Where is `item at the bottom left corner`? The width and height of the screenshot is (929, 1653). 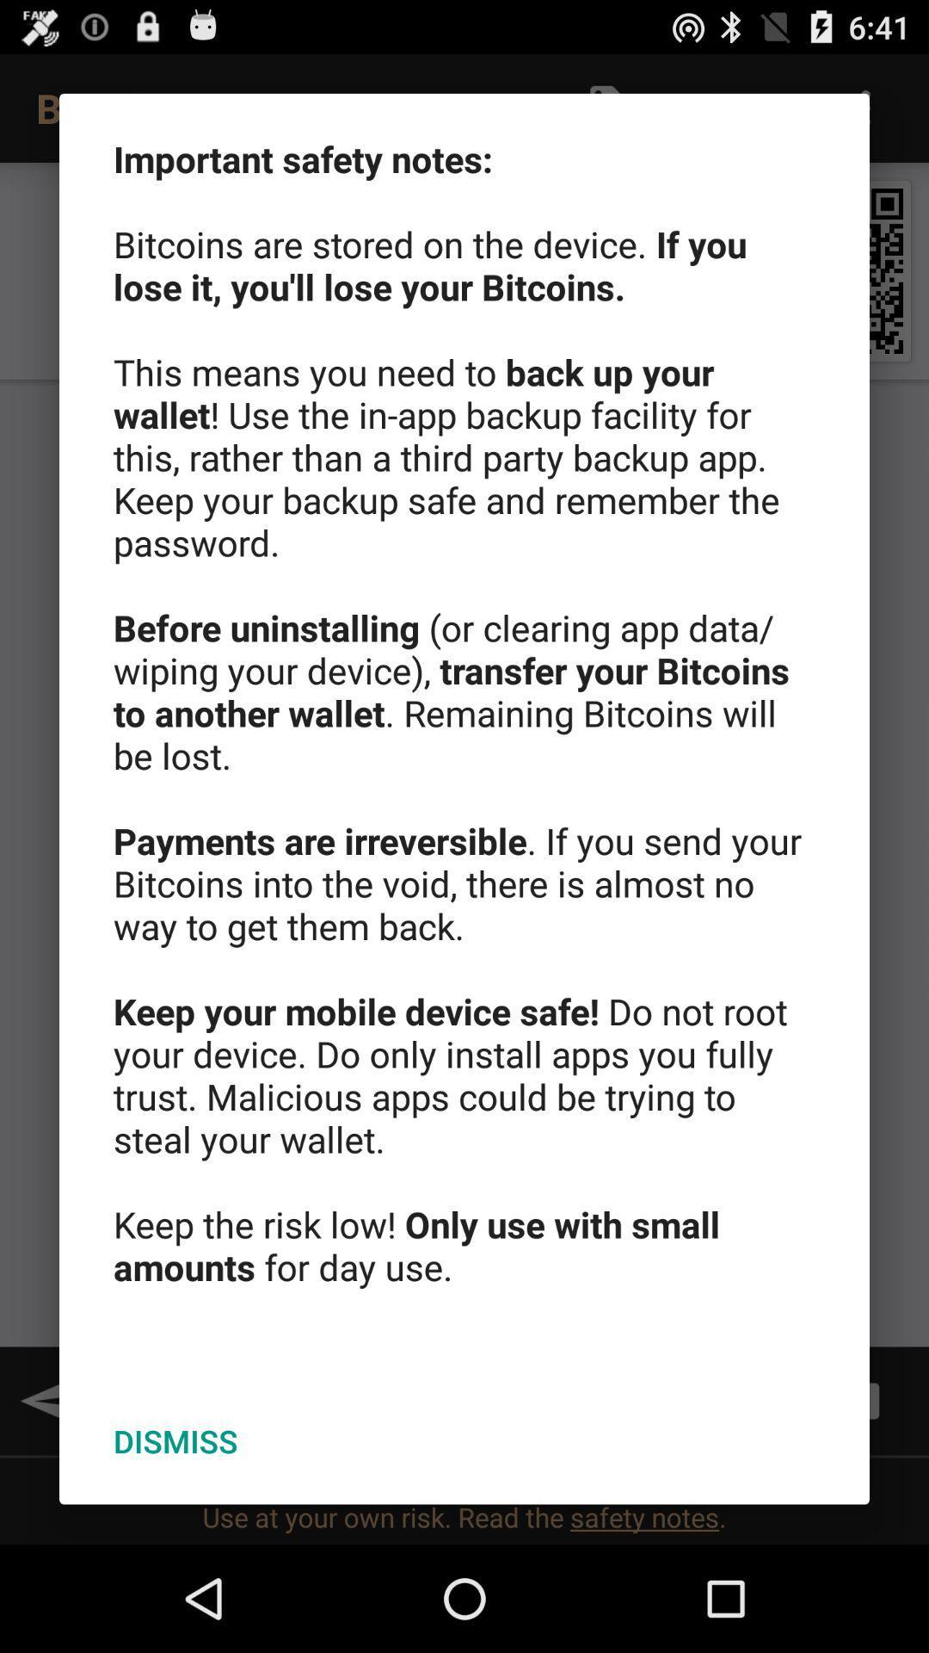
item at the bottom left corner is located at coordinates (175, 1441).